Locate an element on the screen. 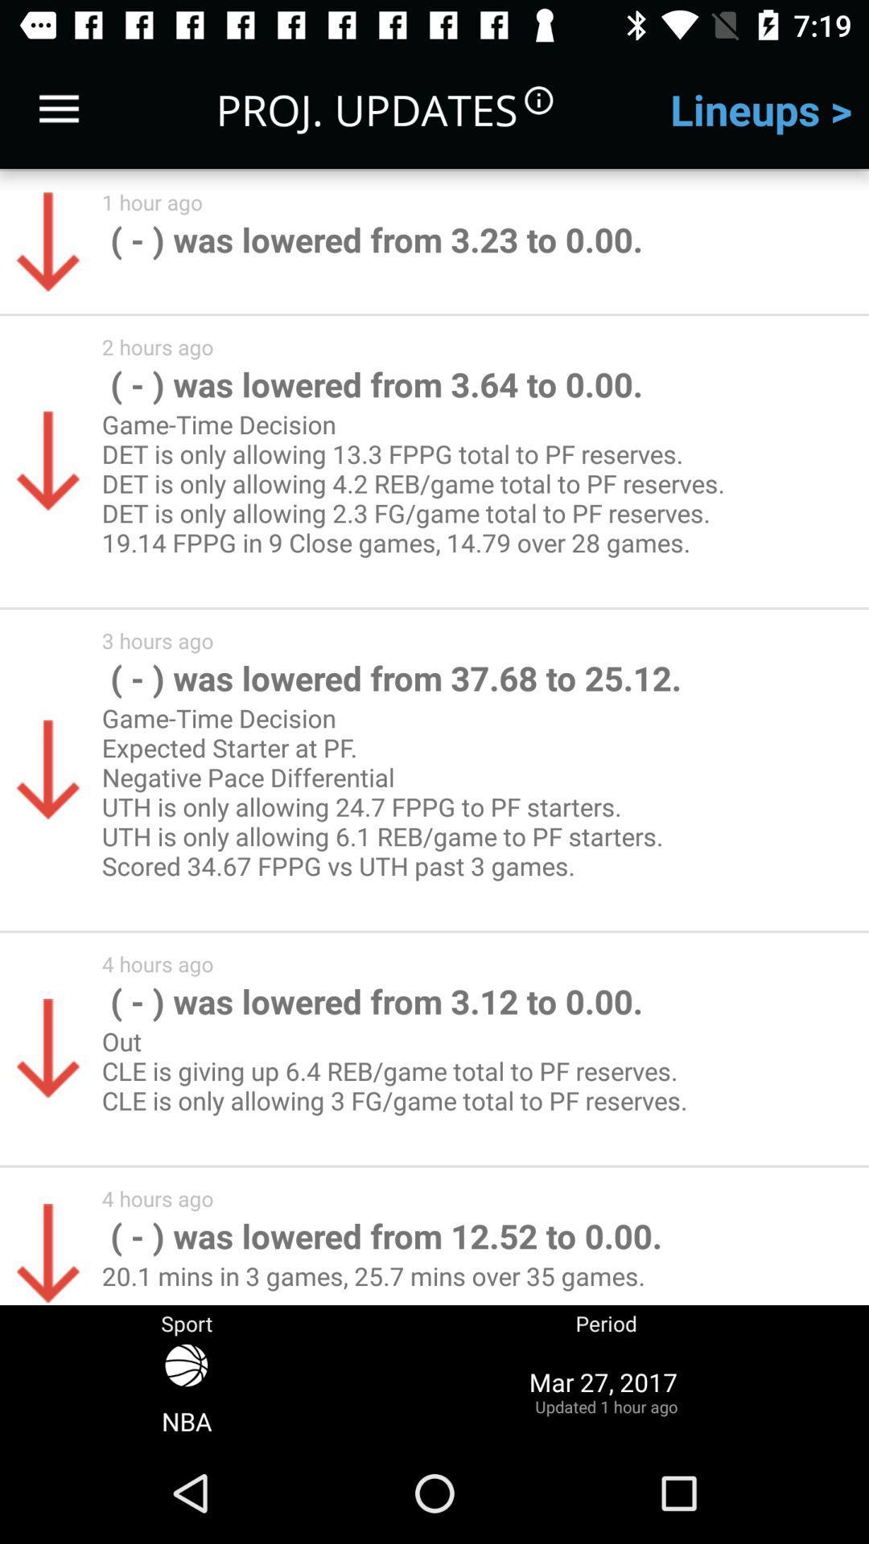 This screenshot has width=869, height=1544. item to the right of sport is located at coordinates (606, 1390).